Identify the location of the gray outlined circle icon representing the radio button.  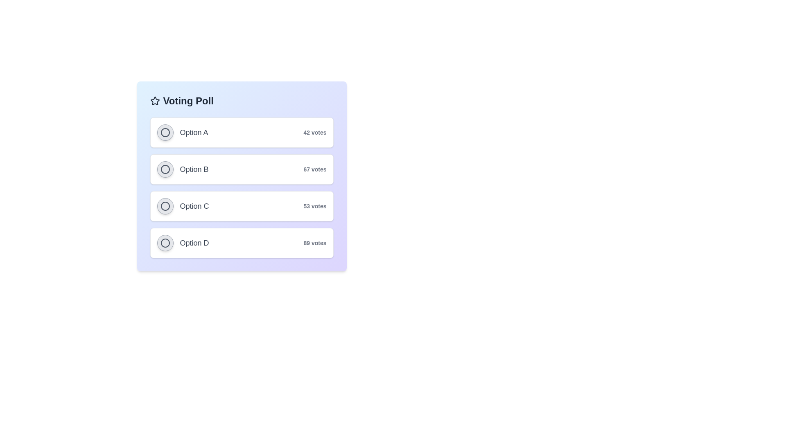
(165, 132).